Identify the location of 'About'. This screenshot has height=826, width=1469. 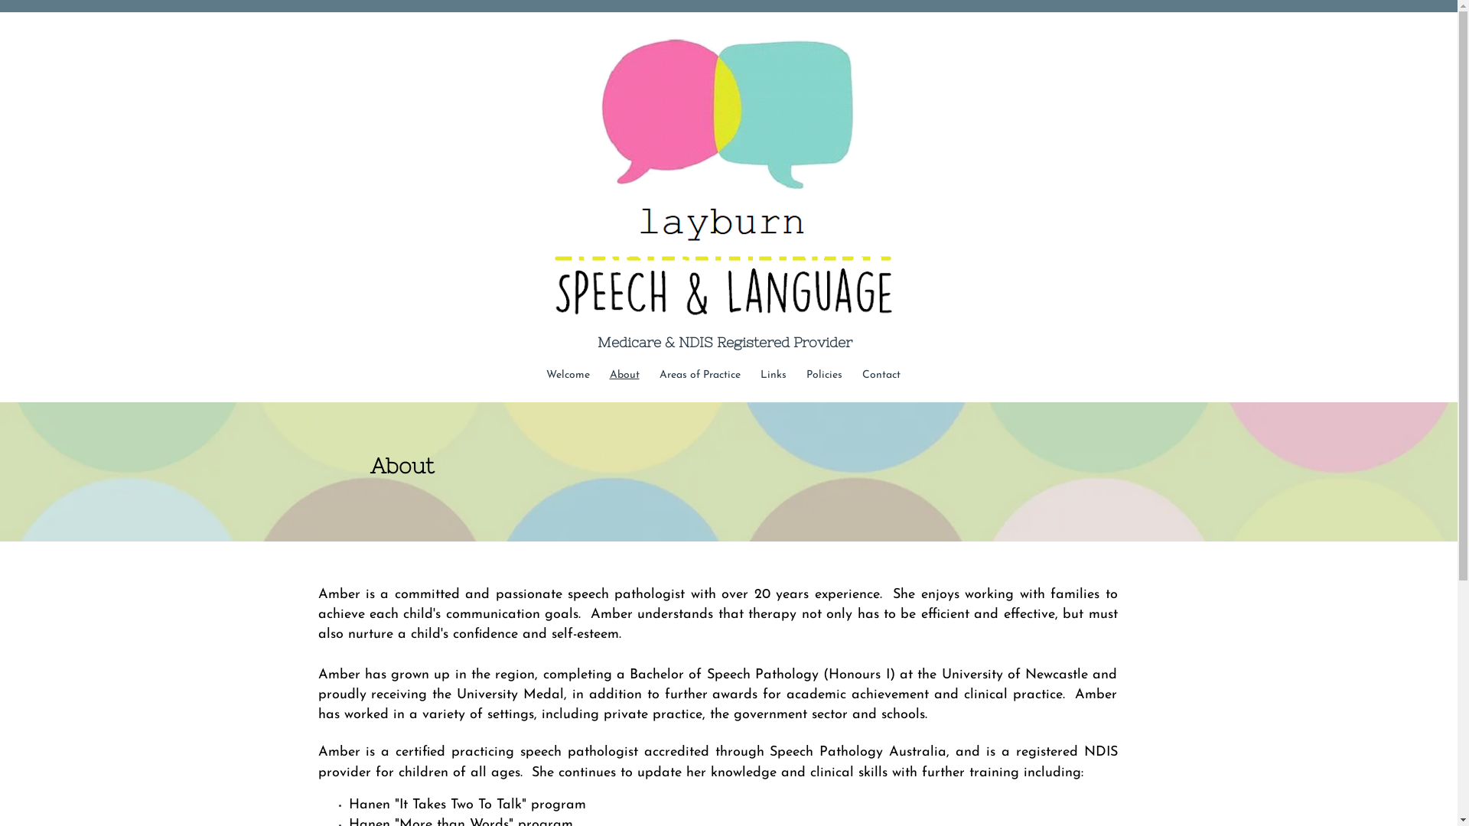
(624, 375).